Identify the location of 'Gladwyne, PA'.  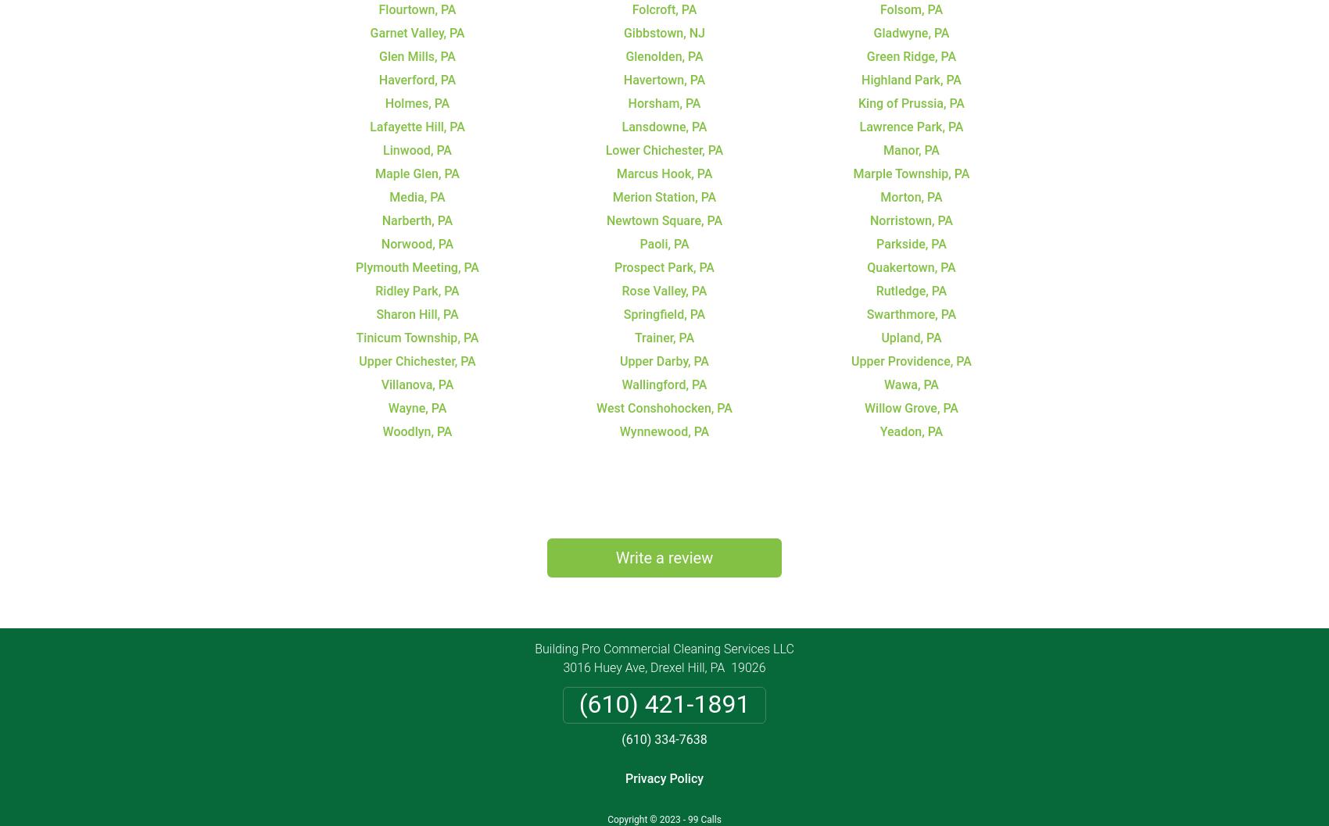
(873, 32).